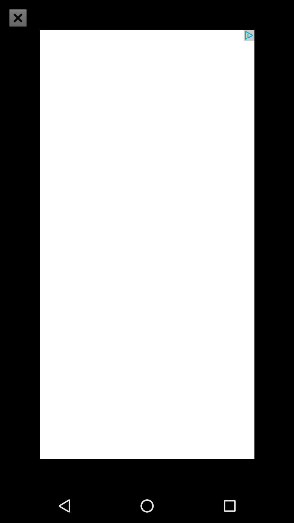 Image resolution: width=294 pixels, height=523 pixels. Describe the element at coordinates (147, 244) in the screenshot. I see `icon at the center` at that location.